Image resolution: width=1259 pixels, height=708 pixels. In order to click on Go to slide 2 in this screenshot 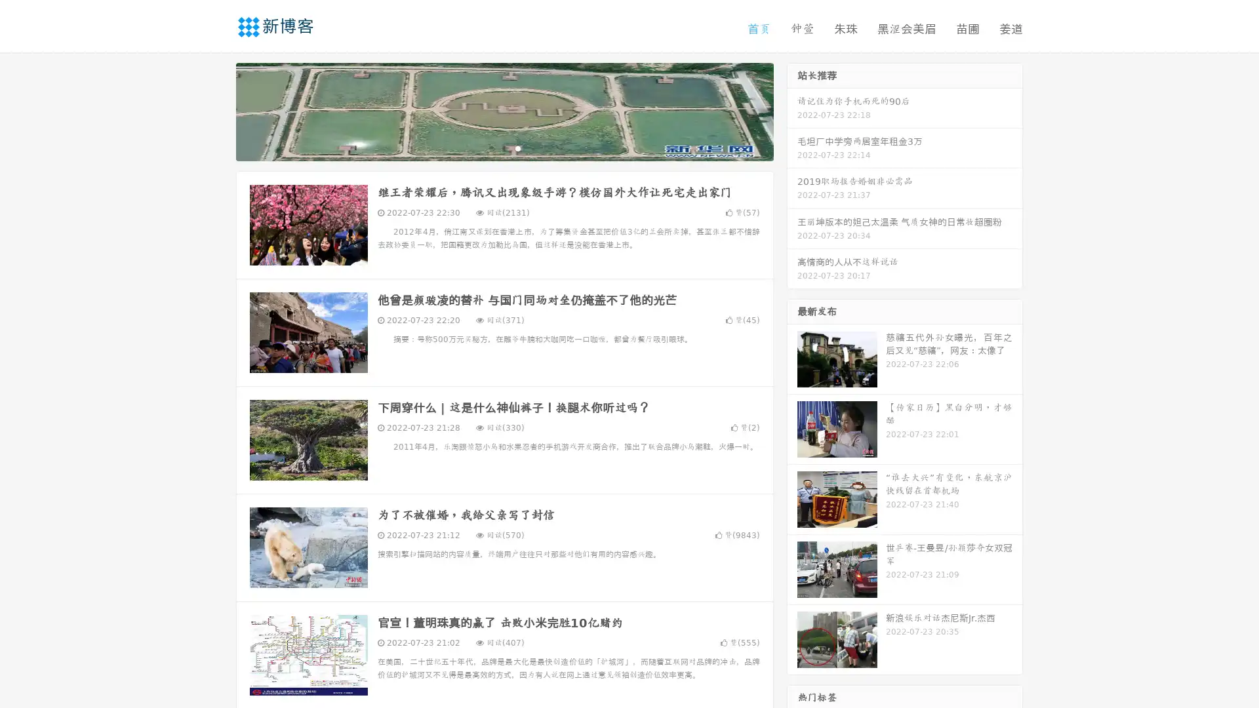, I will do `click(504, 147)`.